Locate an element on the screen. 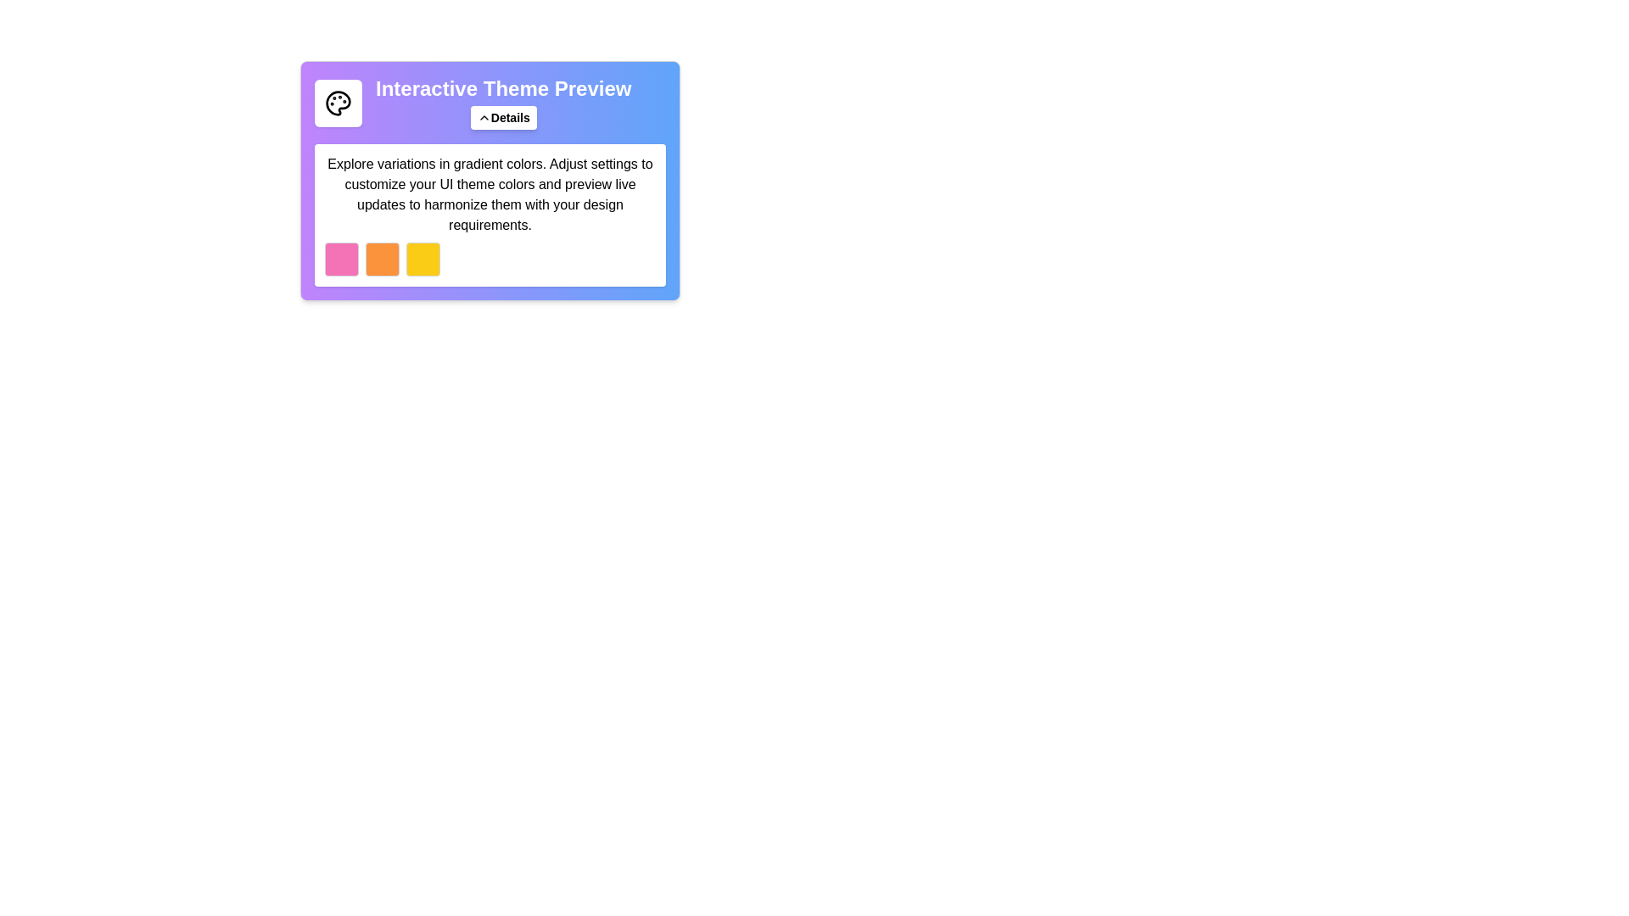 The width and height of the screenshot is (1629, 916). the 'Interactive Theme Preview' composite component, which includes a colorful palette icon, a bold title, and a 'Details' button, for further customization is located at coordinates (489, 103).